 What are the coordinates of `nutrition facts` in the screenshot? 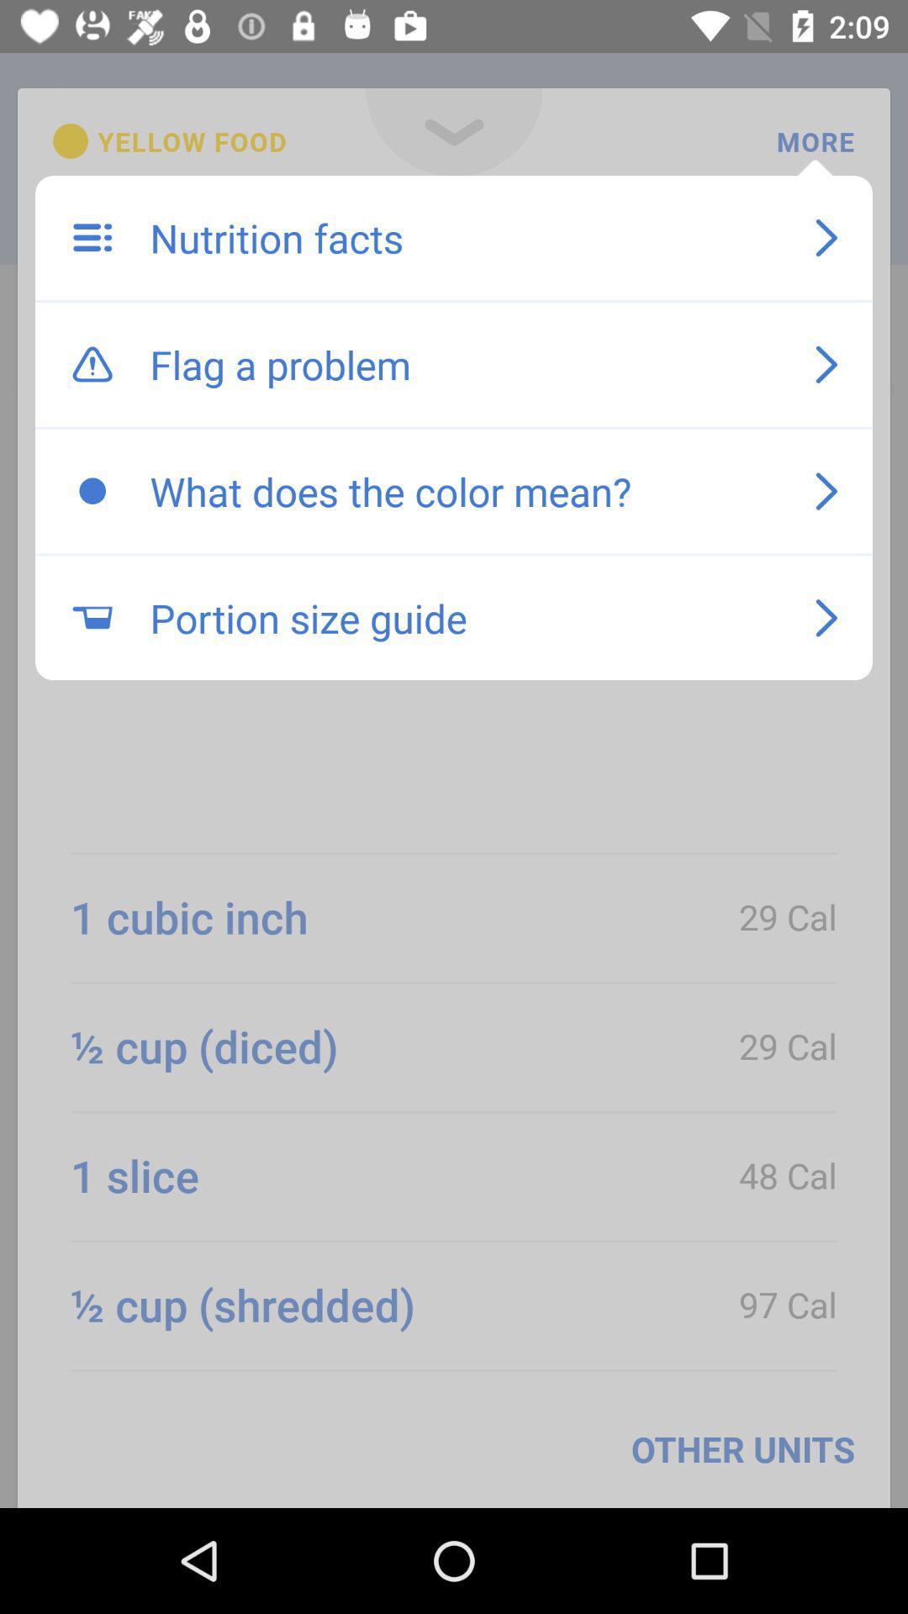 It's located at (465, 237).